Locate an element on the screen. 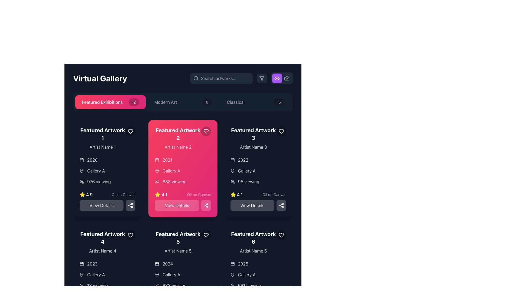 The image size is (520, 292). numeric indicator badge located at the top-right corner of the 'Classical' section header, which displays the count of items available in this category, specifically the value '15' is located at coordinates (279, 102).